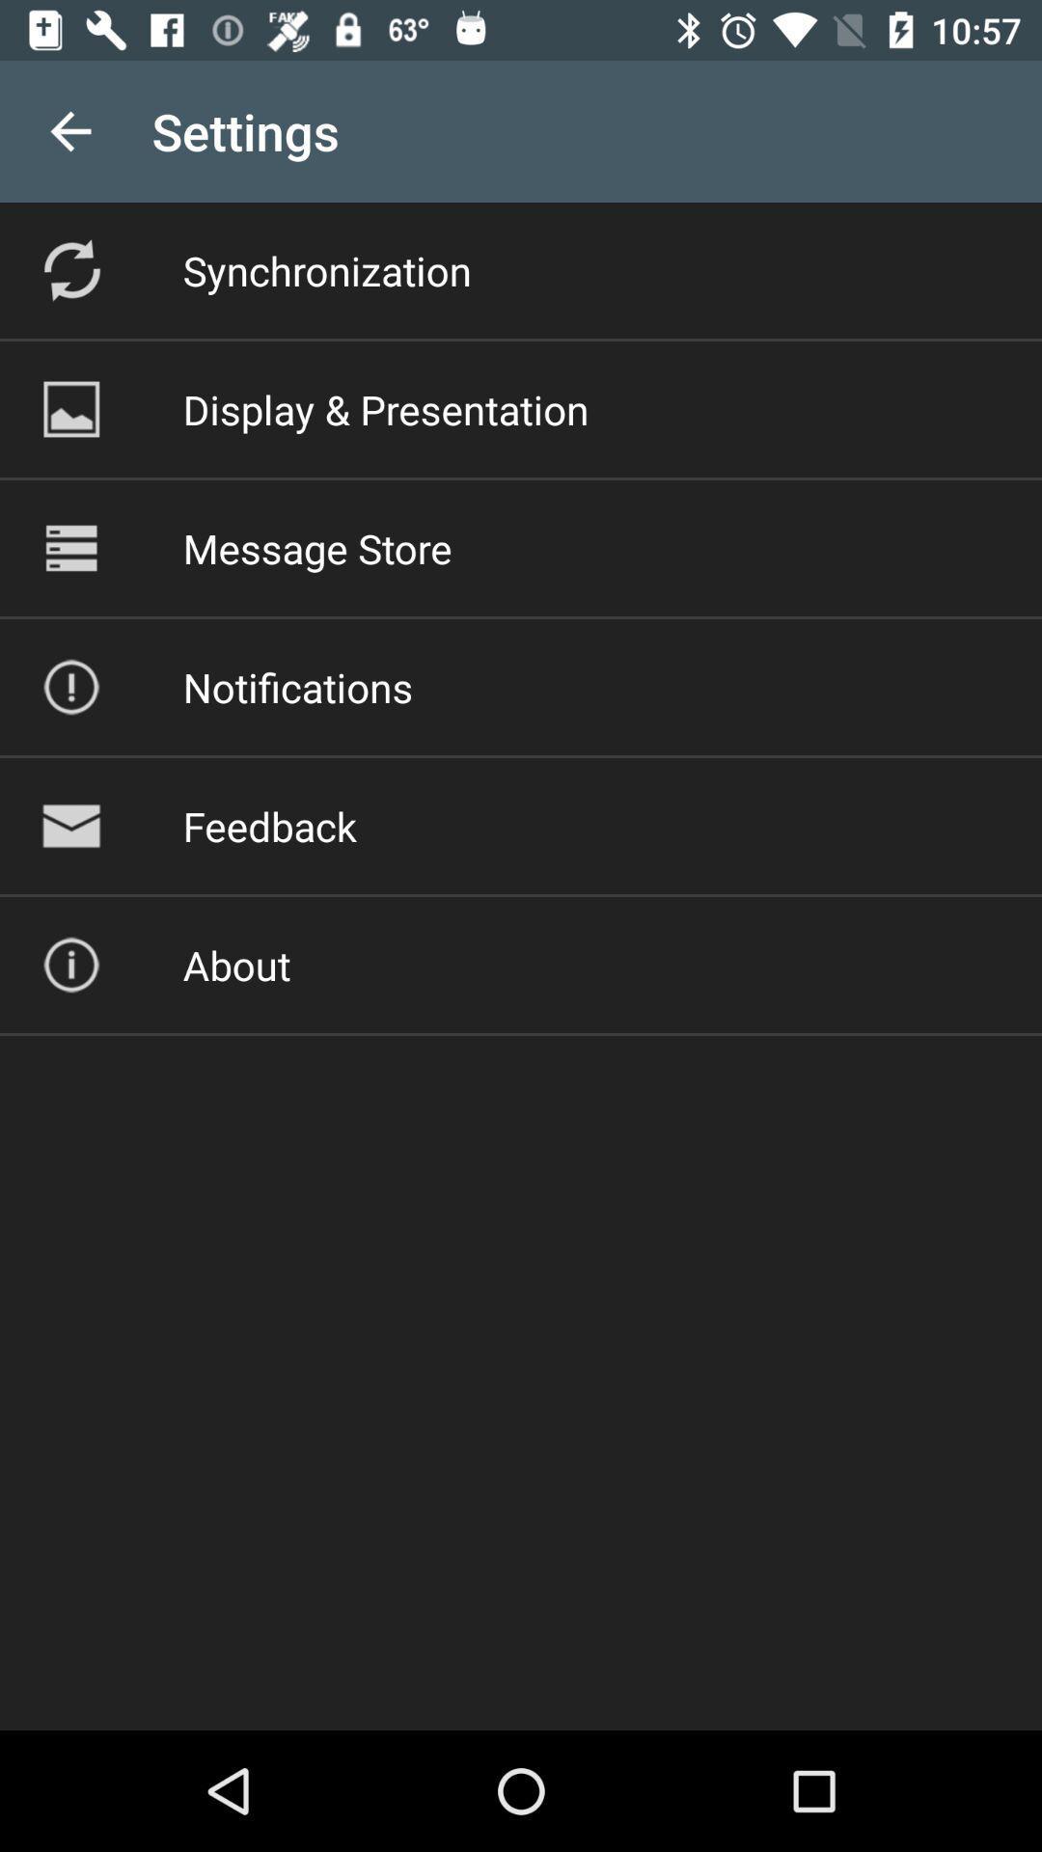 The height and width of the screenshot is (1852, 1042). I want to click on the about item, so click(235, 965).